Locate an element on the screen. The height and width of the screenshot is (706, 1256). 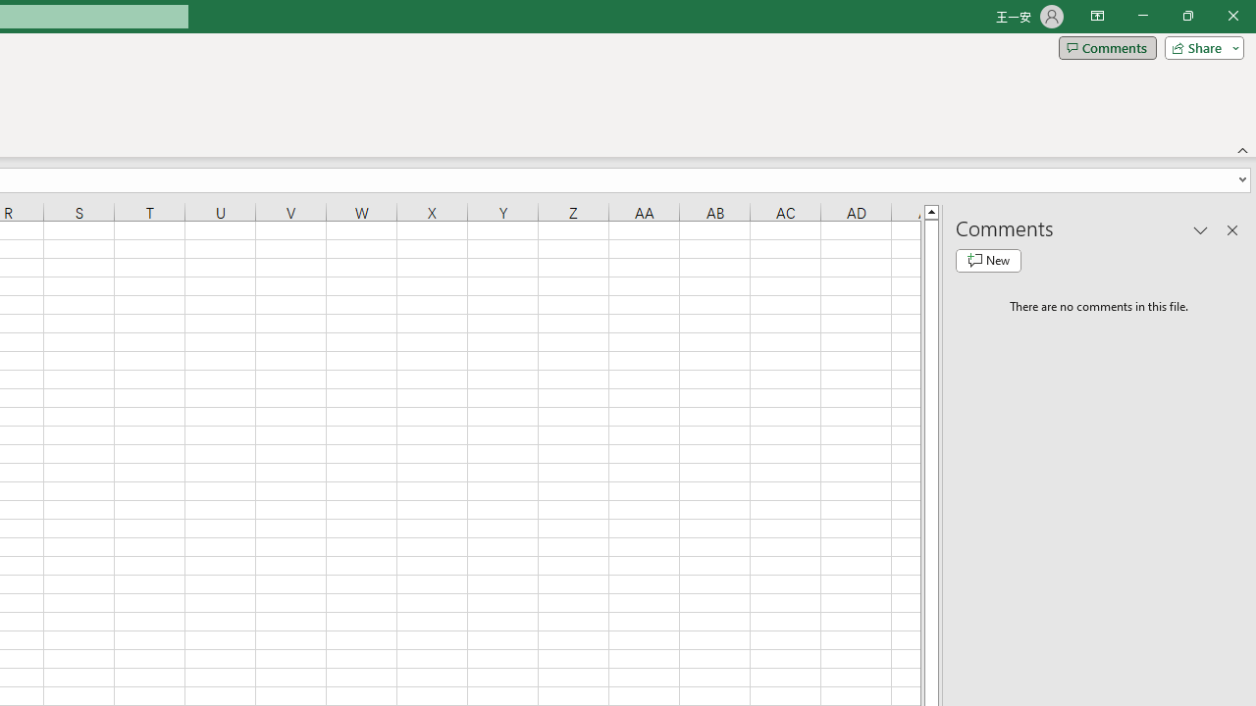
'Line up' is located at coordinates (930, 211).